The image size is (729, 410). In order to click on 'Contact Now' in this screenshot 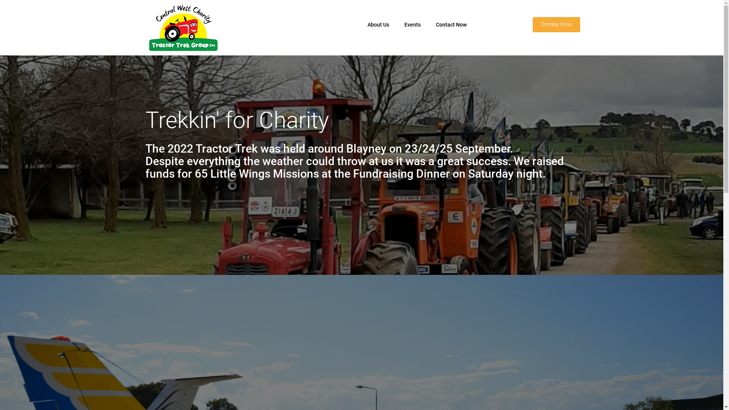, I will do `click(428, 24)`.